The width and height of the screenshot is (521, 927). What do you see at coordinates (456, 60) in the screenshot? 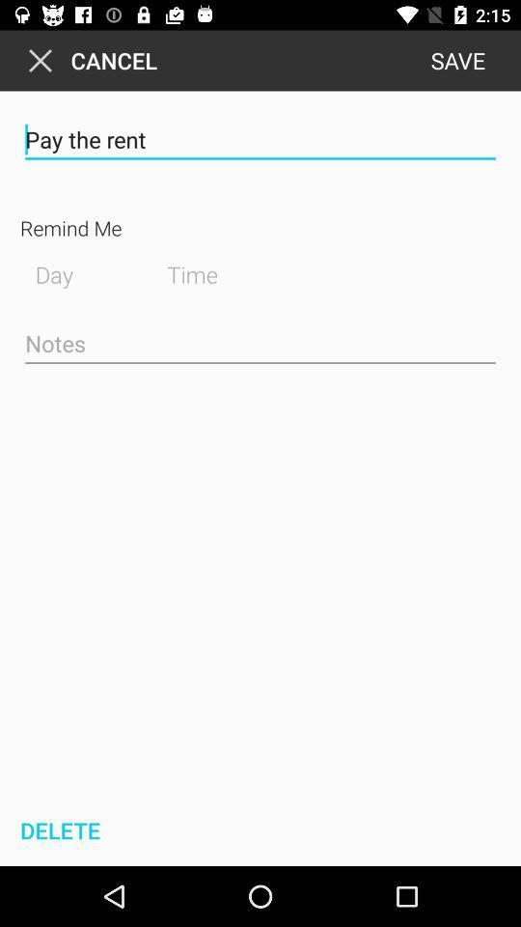
I see `the icon next to the cancel item` at bounding box center [456, 60].